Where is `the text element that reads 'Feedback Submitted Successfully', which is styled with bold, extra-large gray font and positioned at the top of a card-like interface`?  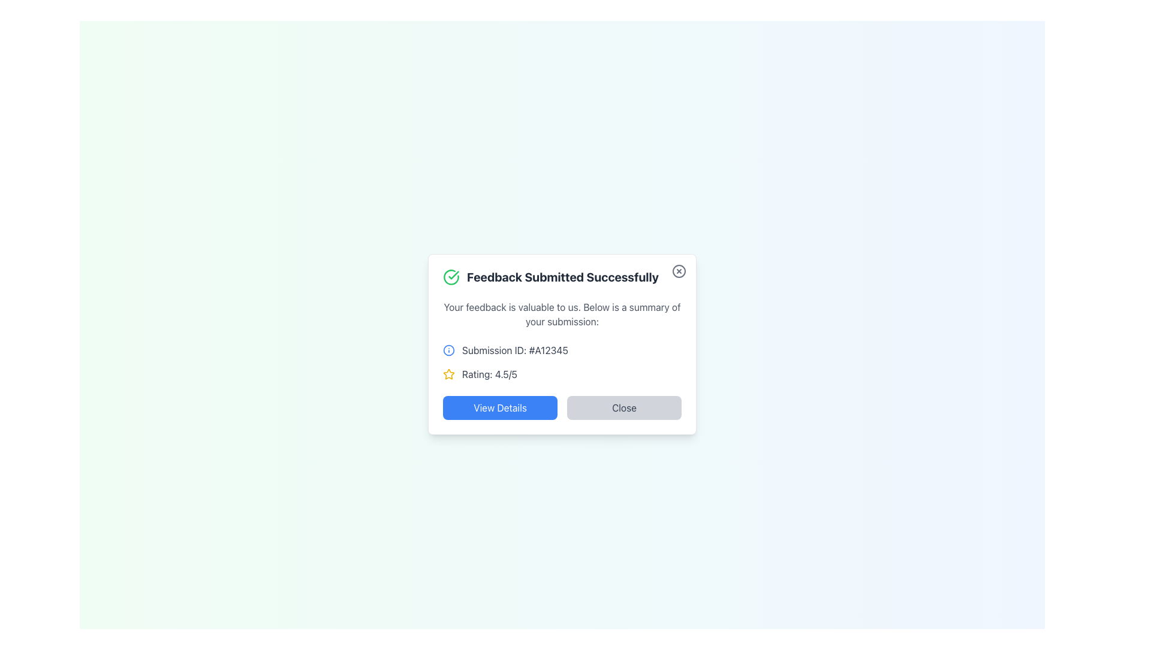
the text element that reads 'Feedback Submitted Successfully', which is styled with bold, extra-large gray font and positioned at the top of a card-like interface is located at coordinates (562, 277).